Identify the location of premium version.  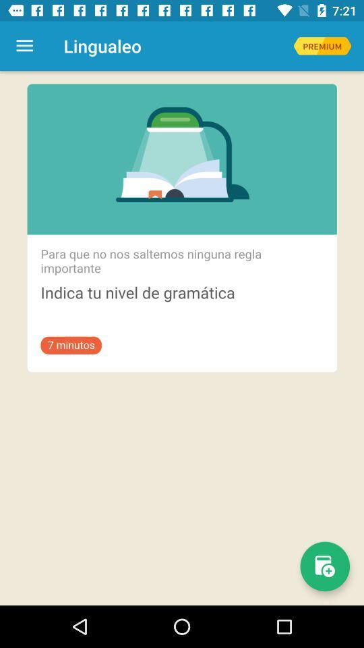
(322, 46).